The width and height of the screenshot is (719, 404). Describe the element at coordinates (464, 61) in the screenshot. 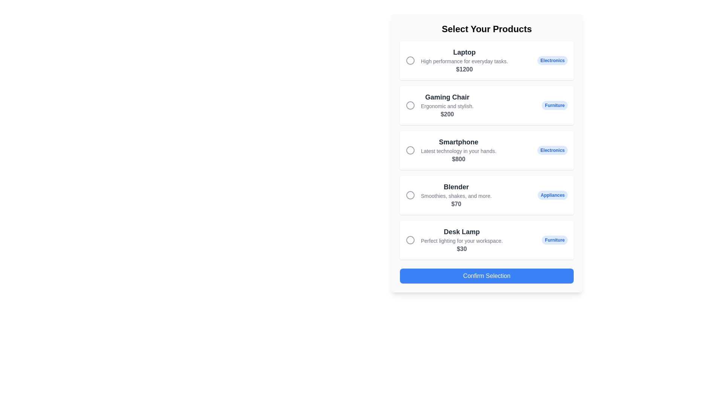

I see `the text label displaying 'High performance for everyday tasks.' which is located below the heading 'Laptop' and above the pricing information '$1200'` at that location.